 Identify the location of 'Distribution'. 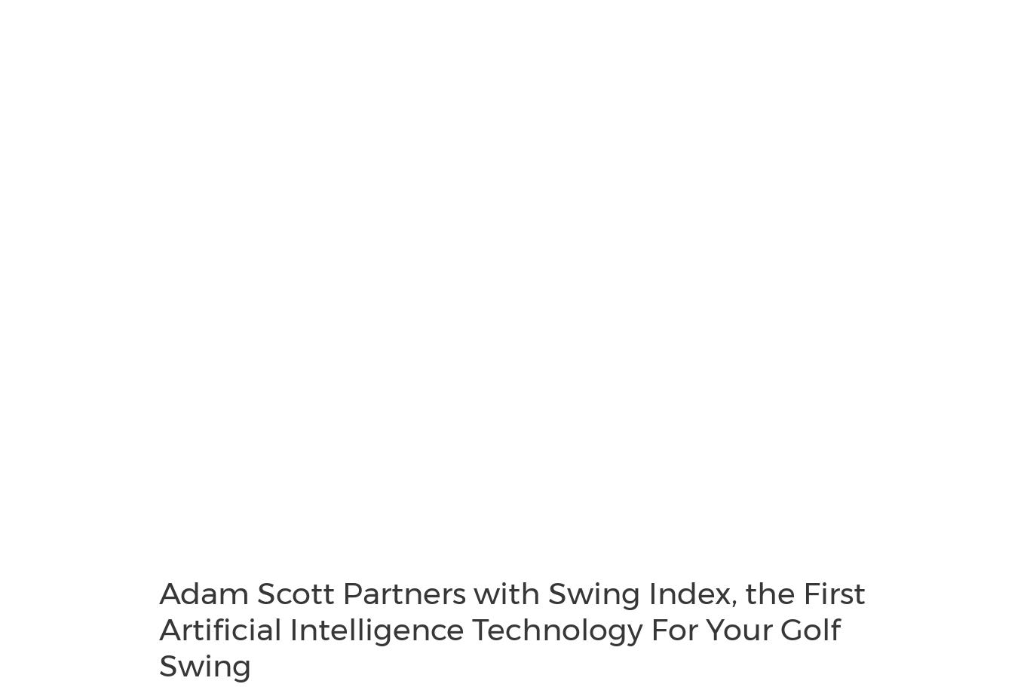
(61, 142).